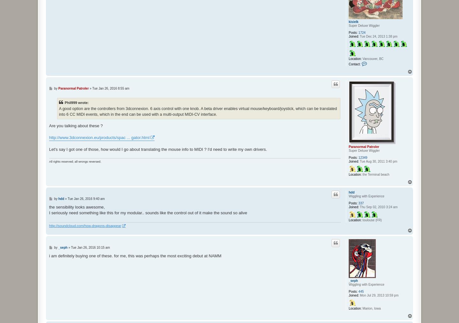  Describe the element at coordinates (76, 126) in the screenshot. I see `'Are you talking about these ?'` at that location.